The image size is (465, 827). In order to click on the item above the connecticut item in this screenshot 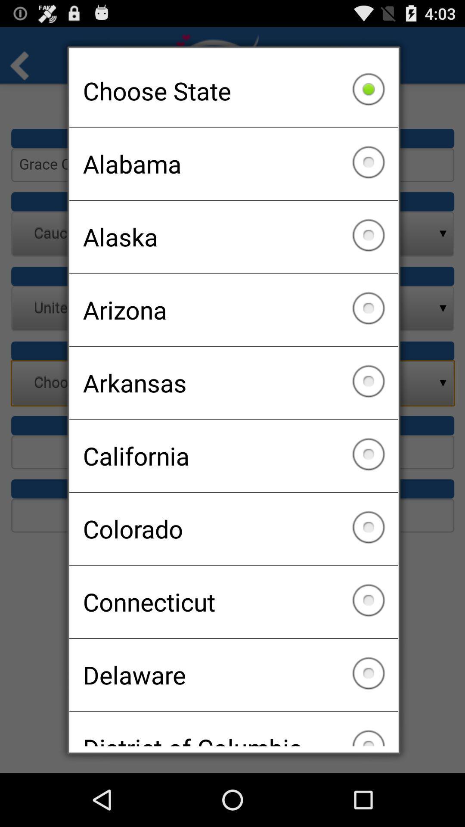, I will do `click(233, 528)`.